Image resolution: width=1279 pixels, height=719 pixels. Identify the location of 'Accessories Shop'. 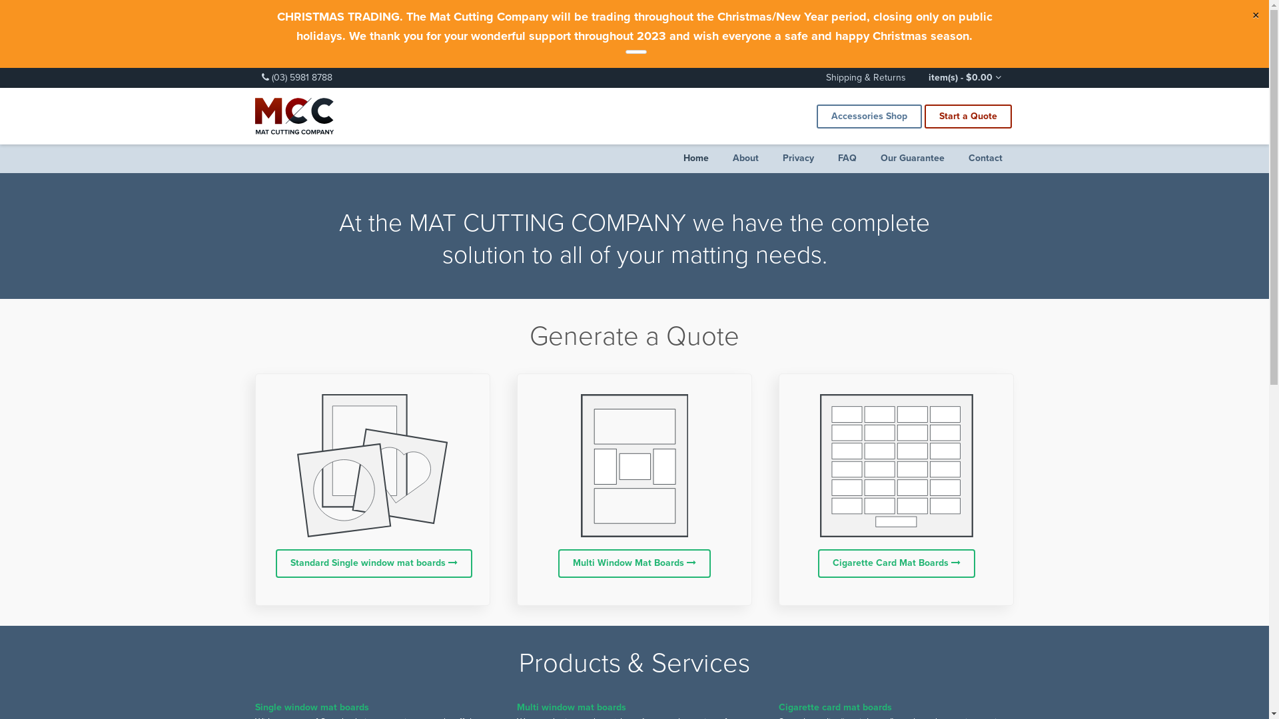
(869, 115).